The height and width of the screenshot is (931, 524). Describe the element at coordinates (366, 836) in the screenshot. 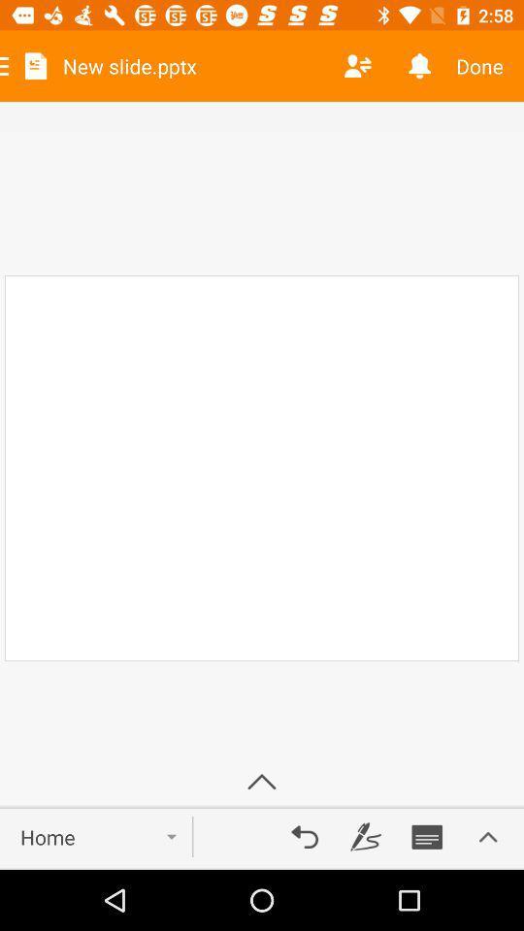

I see `pencil tool` at that location.